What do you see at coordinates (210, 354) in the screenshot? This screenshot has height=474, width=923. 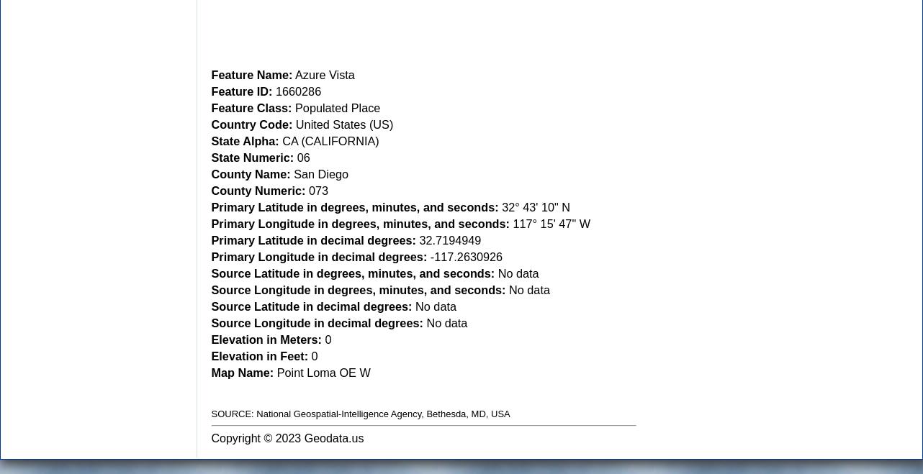 I see `'Elevation in Feet:'` at bounding box center [210, 354].